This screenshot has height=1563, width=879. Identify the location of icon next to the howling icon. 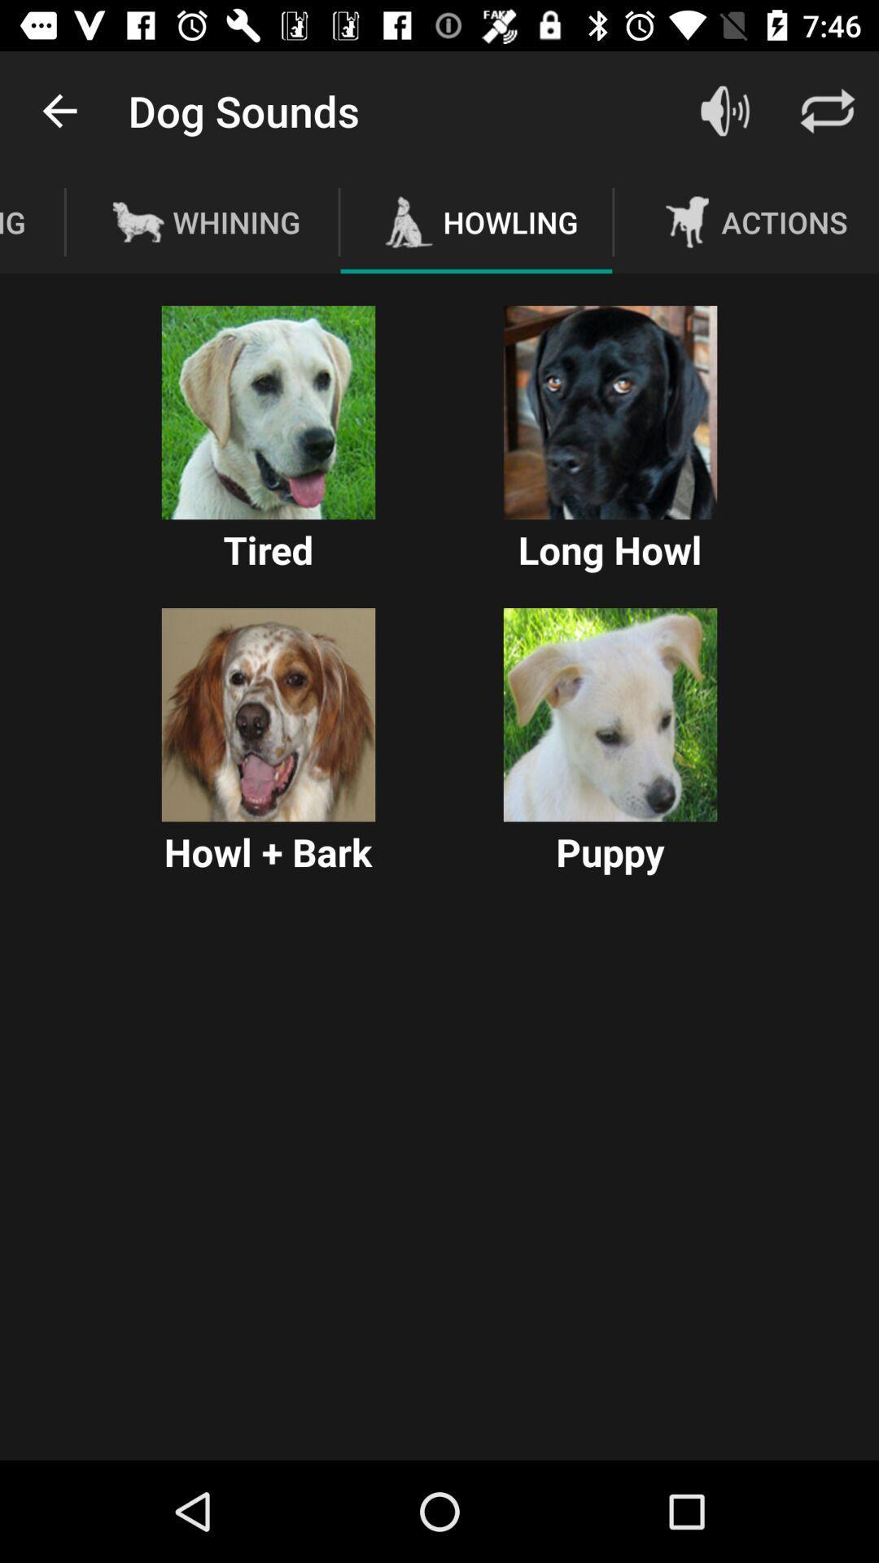
(724, 110).